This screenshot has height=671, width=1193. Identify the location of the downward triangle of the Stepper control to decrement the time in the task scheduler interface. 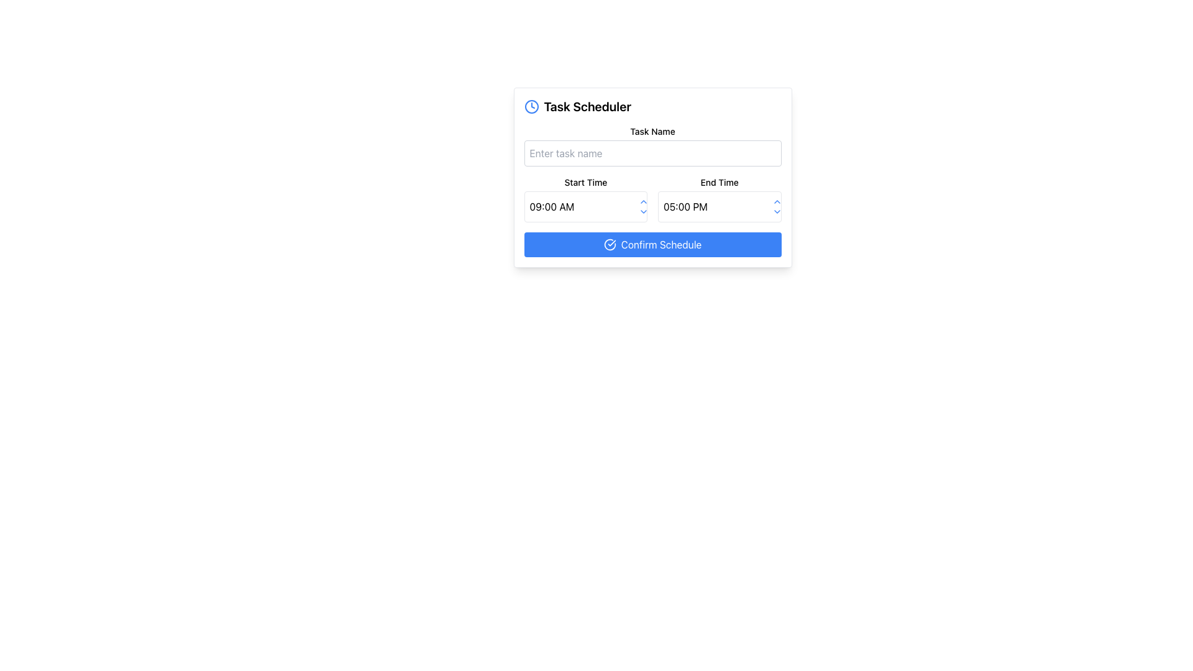
(643, 206).